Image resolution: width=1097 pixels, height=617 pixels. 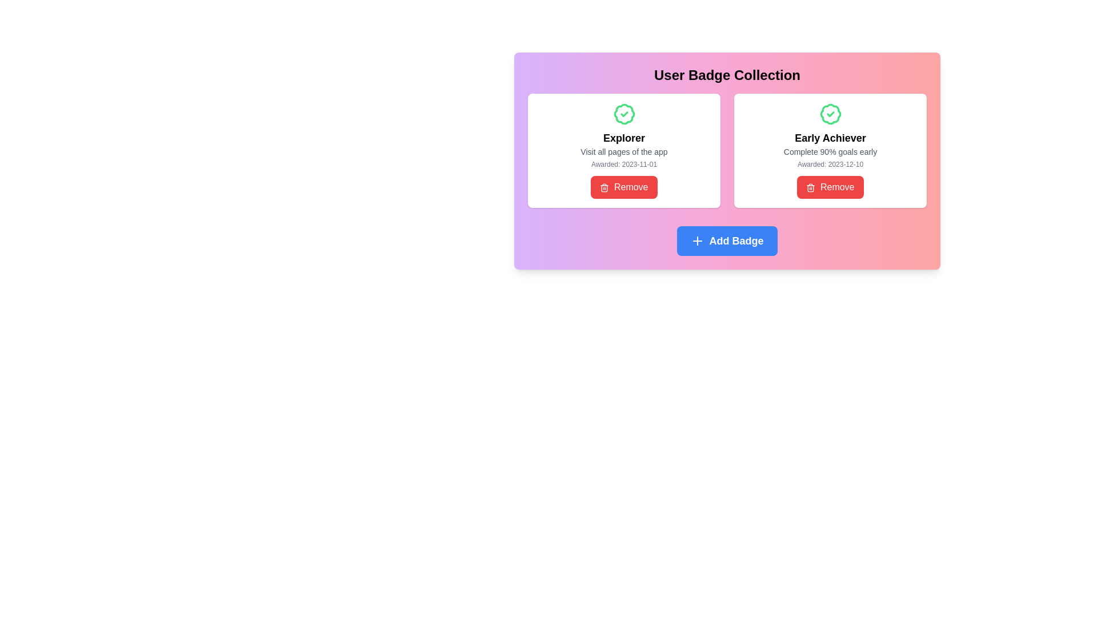 I want to click on text content of the gray subtitle labeled 'Awarded: 2023-11-01', which is positioned below the description 'Visit all pages of the app' and above the 'Remove' button within the 'Explorer' card, so click(x=623, y=165).